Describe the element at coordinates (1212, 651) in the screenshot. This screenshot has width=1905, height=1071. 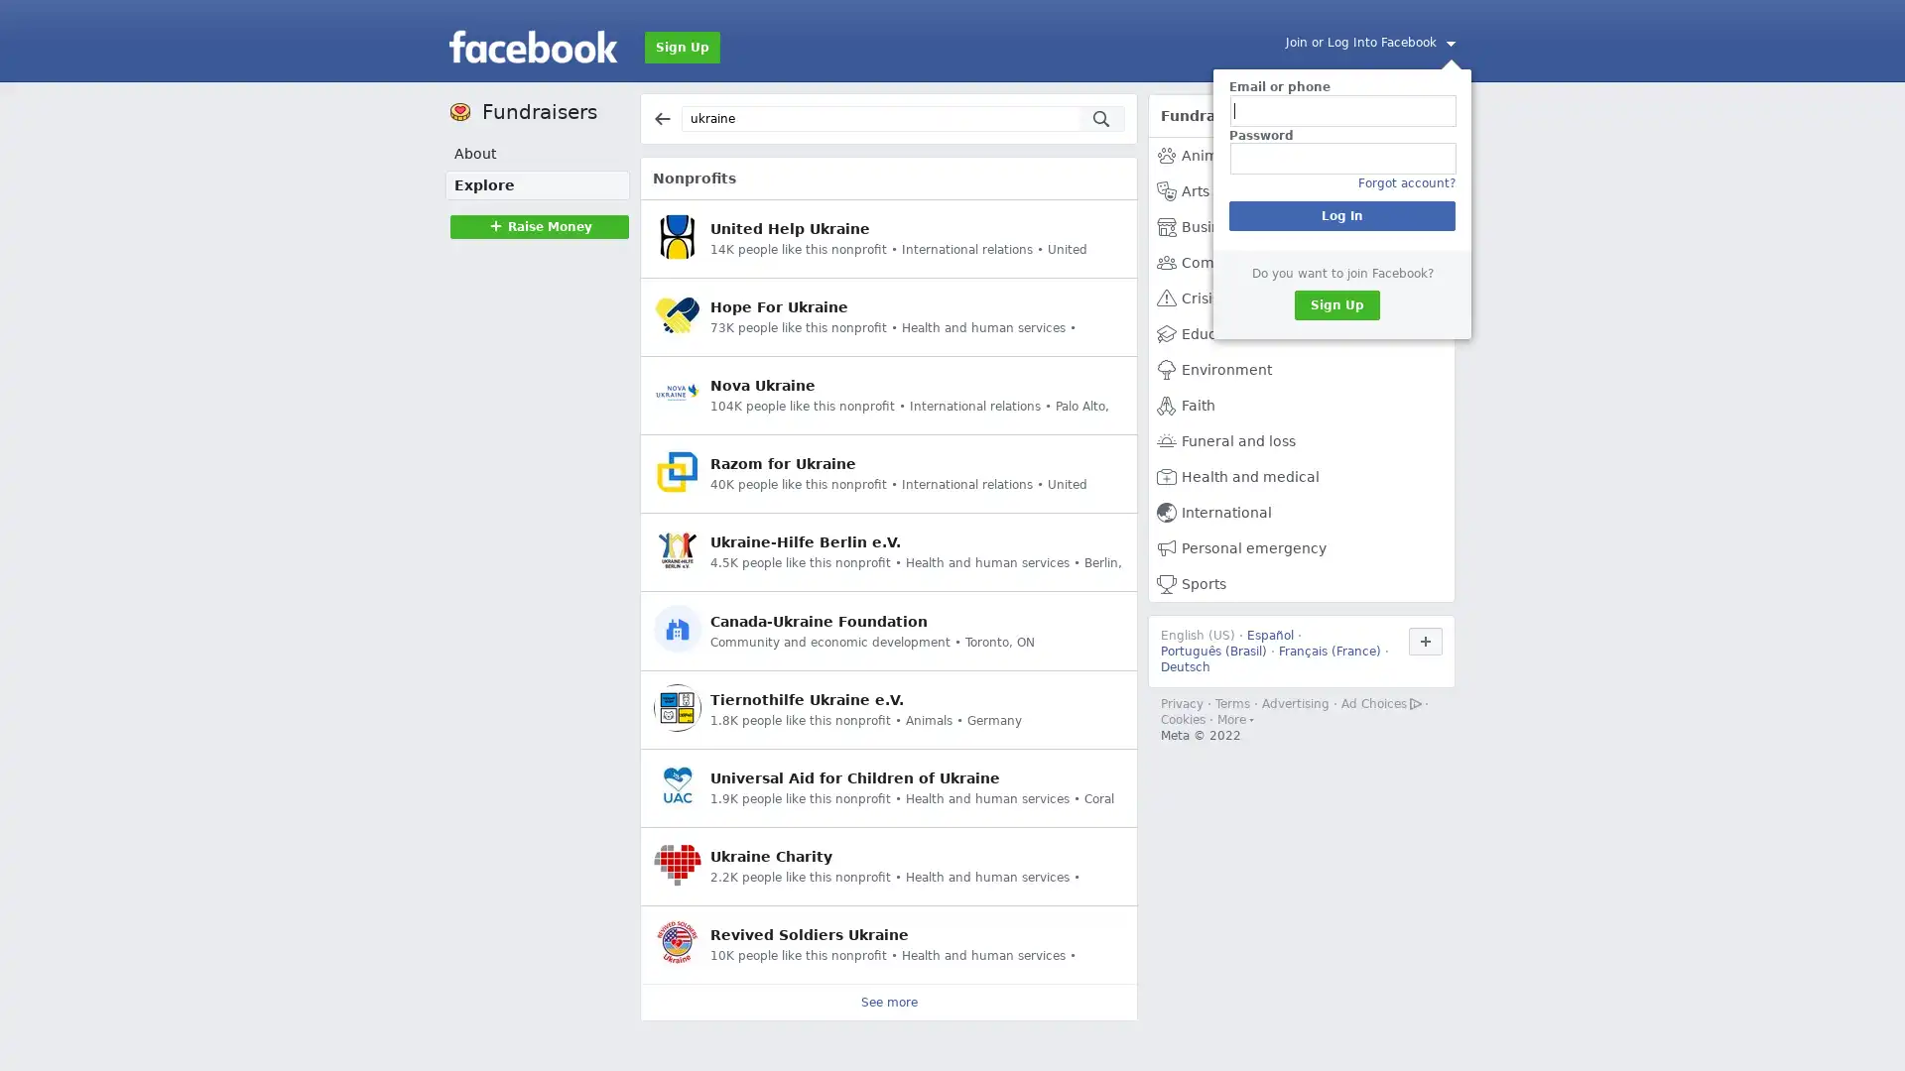
I see `Portugues (Brasil)` at that location.